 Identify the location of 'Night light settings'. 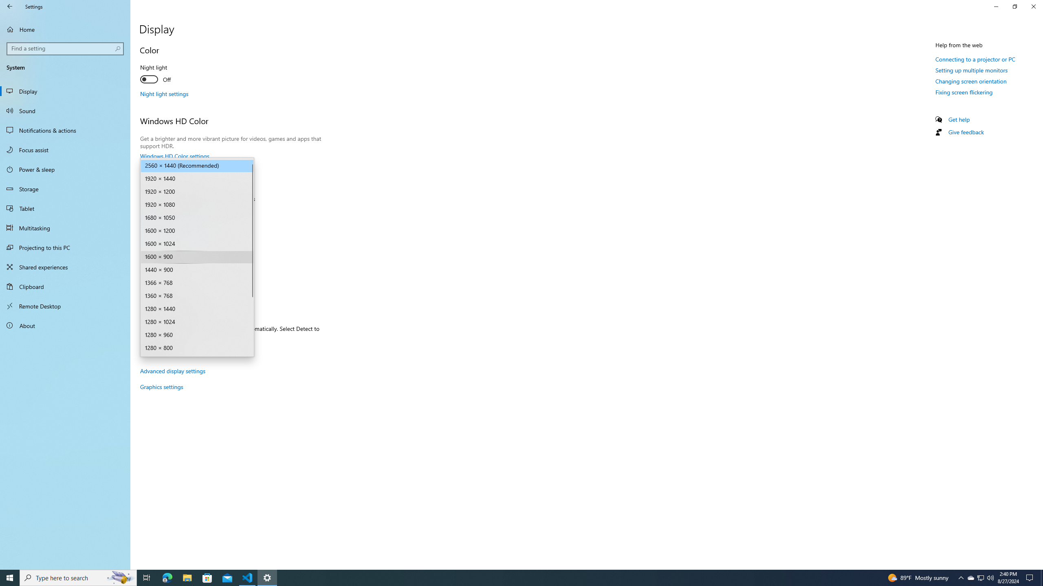
(164, 93).